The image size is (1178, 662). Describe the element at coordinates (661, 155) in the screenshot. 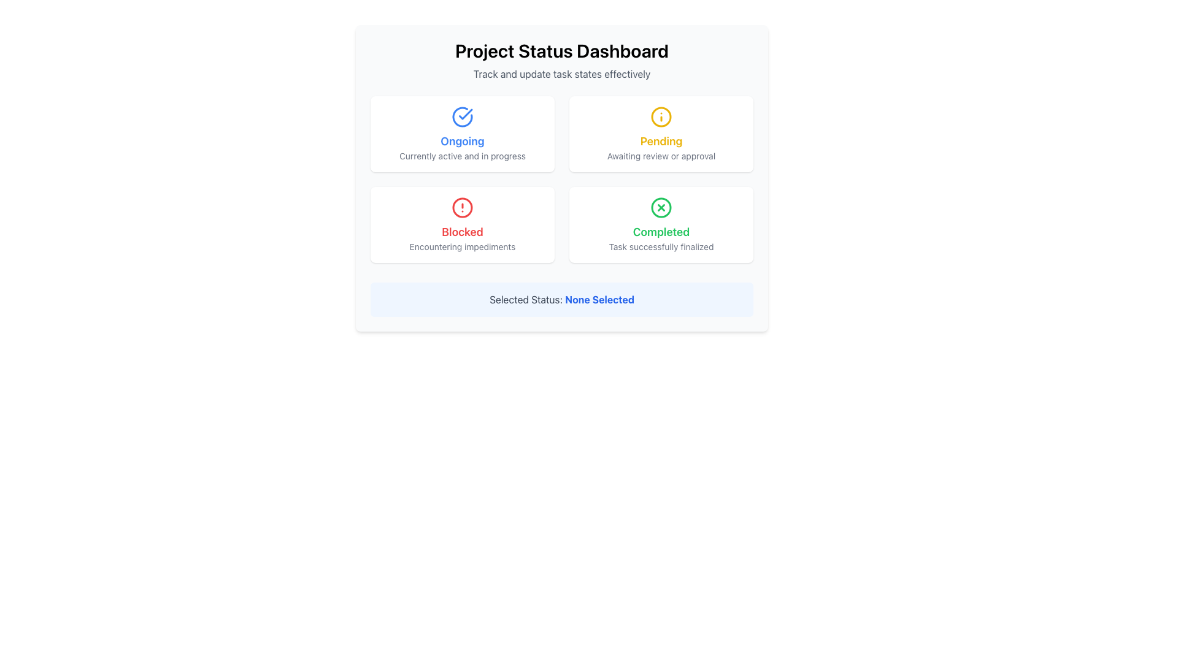

I see `the descriptive text label providing additional information about the 'Pending' status, located within the second card in the grid of four cards on the main dashboard, positioned directly below the headline 'Pending'` at that location.